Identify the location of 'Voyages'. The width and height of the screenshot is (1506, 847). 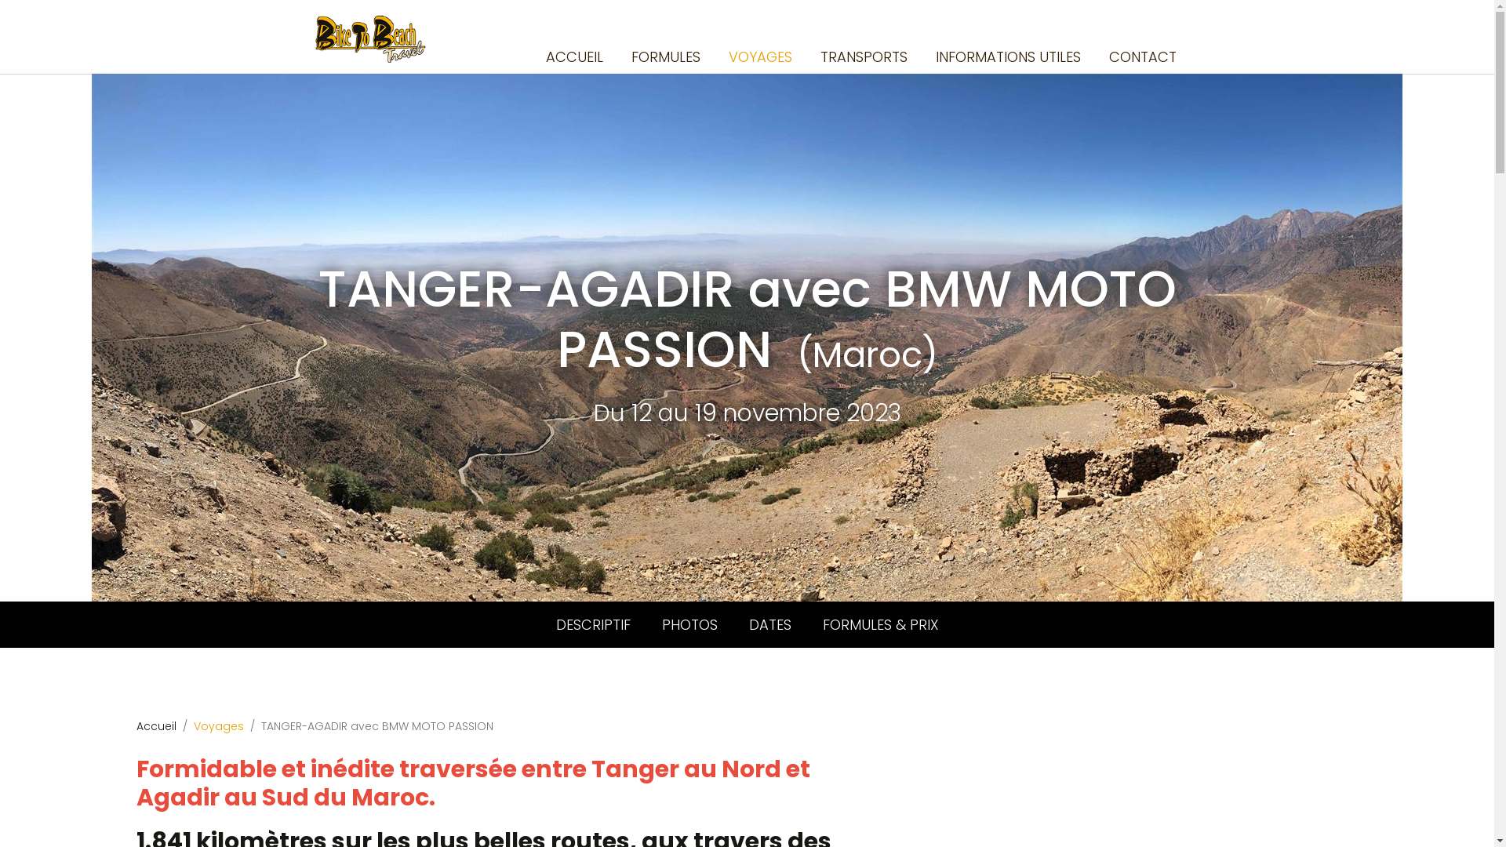
(192, 725).